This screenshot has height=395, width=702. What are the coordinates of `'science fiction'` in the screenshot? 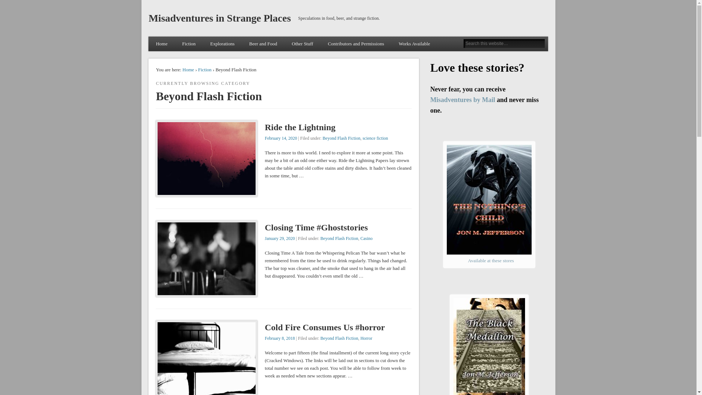 It's located at (375, 138).